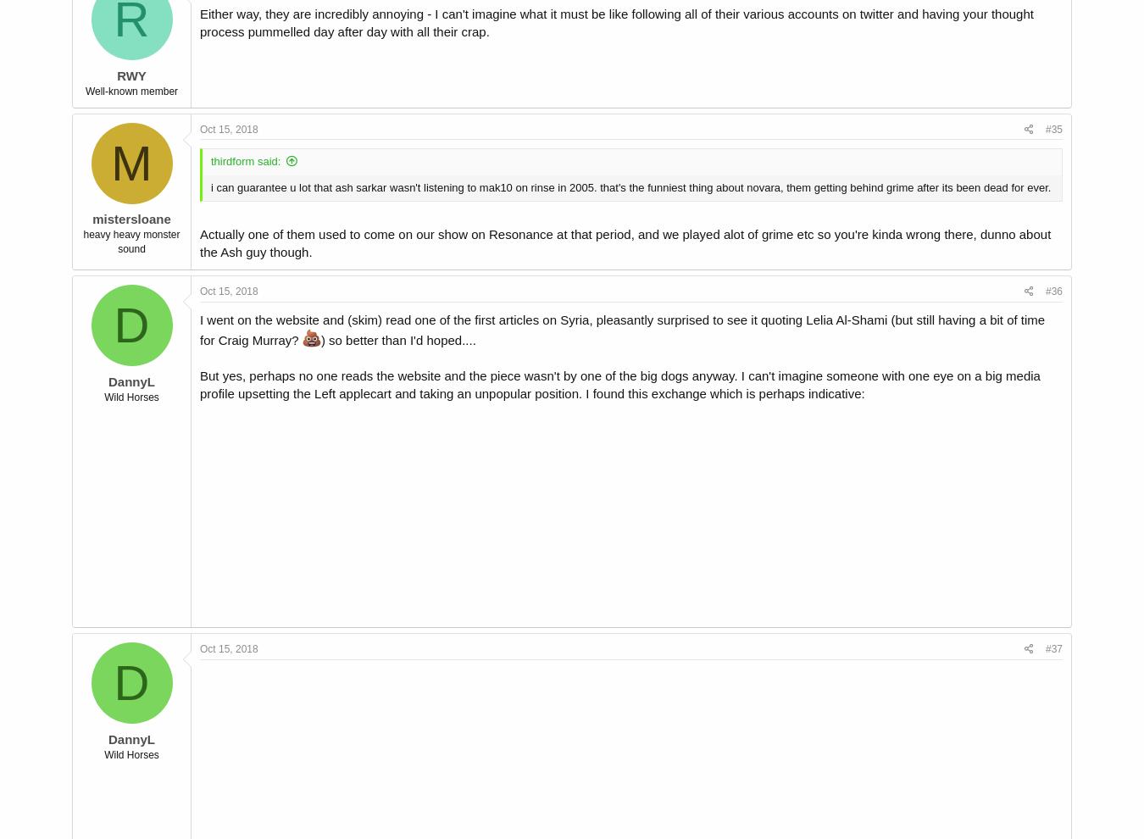 This screenshot has width=1144, height=839. I want to click on 'M', so click(131, 162).